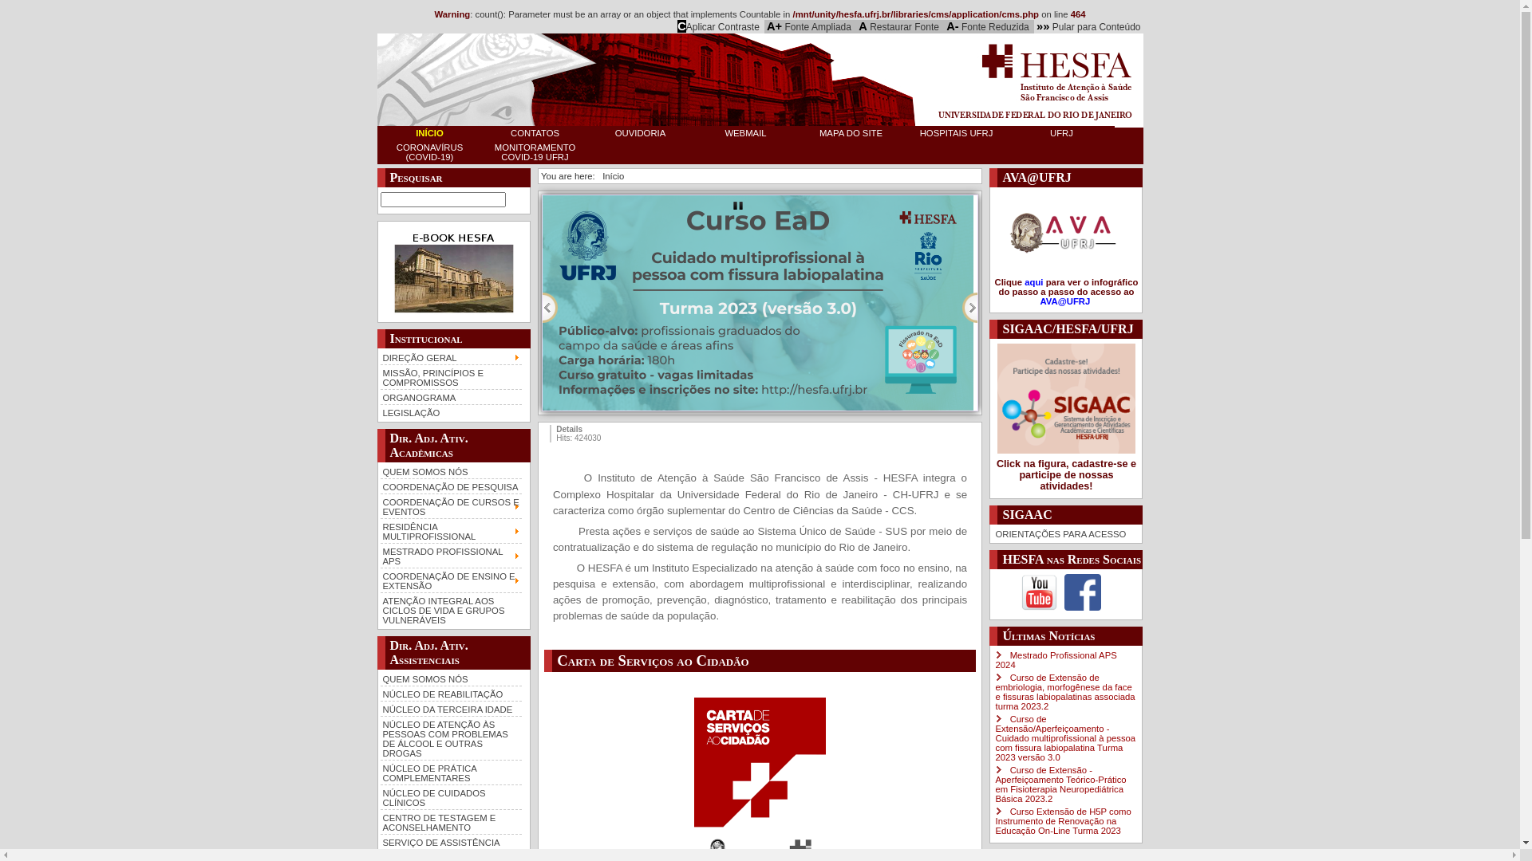 This screenshot has height=861, width=1532. Describe the element at coordinates (1060, 132) in the screenshot. I see `'UFRJ'` at that location.